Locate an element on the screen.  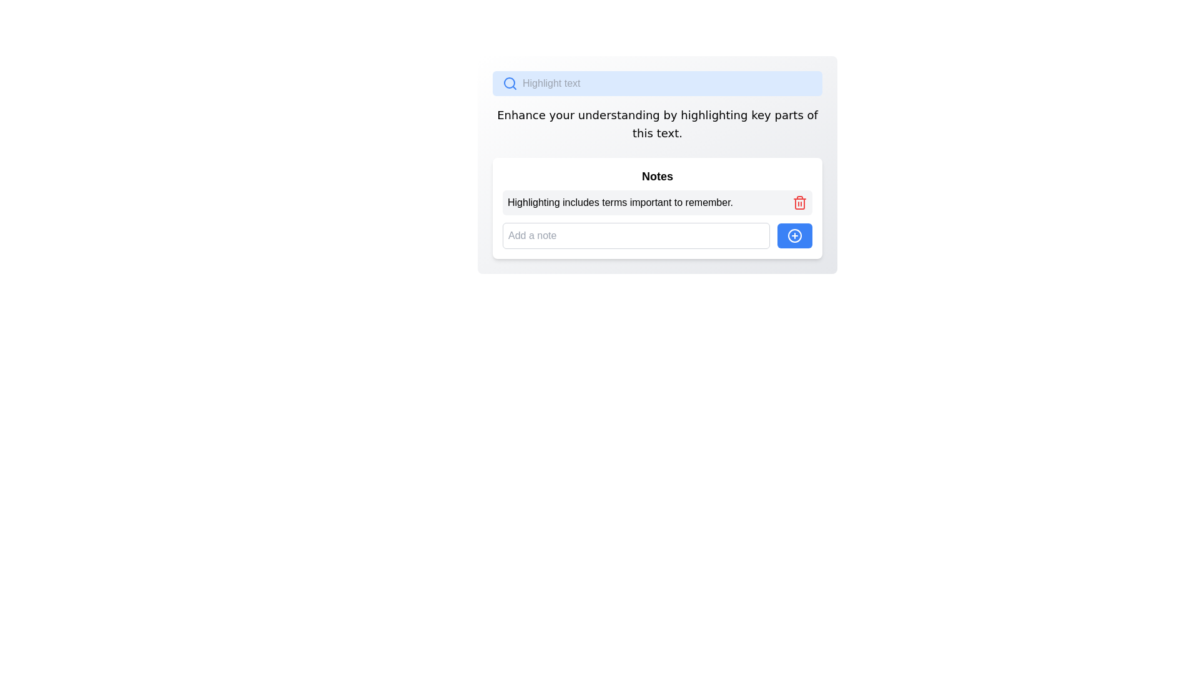
the Highlight marker located right after the letter 'e' in the phrase 'Enhance' within the sentence 'Enhance your understanding by highlighting key parts of this text.' is located at coordinates (547, 115).